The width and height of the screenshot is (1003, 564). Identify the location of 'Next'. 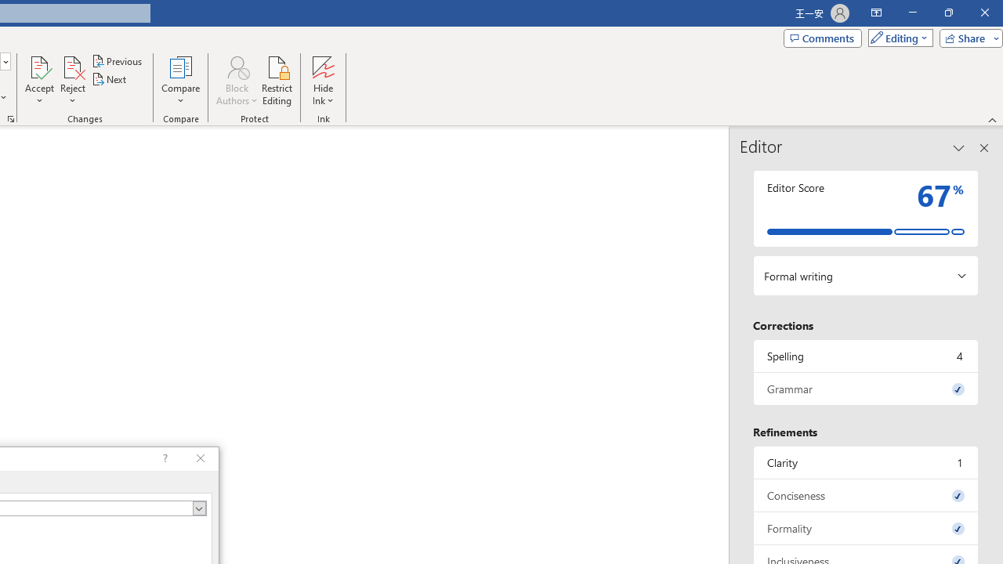
(109, 79).